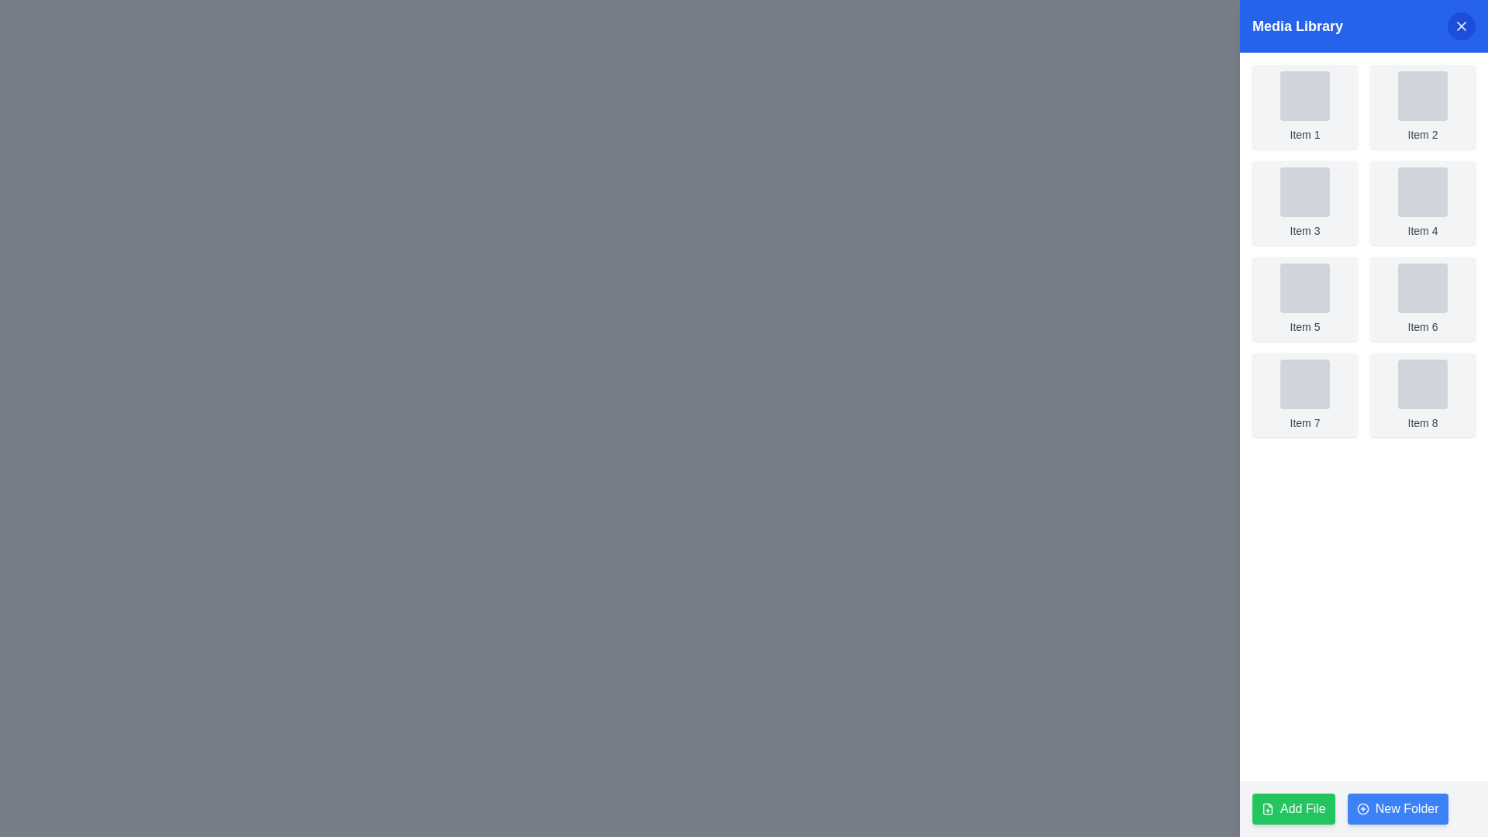 Image resolution: width=1488 pixels, height=837 pixels. What do you see at coordinates (1461, 26) in the screenshot?
I see `the close button located in the top-right part of the media library panel` at bounding box center [1461, 26].